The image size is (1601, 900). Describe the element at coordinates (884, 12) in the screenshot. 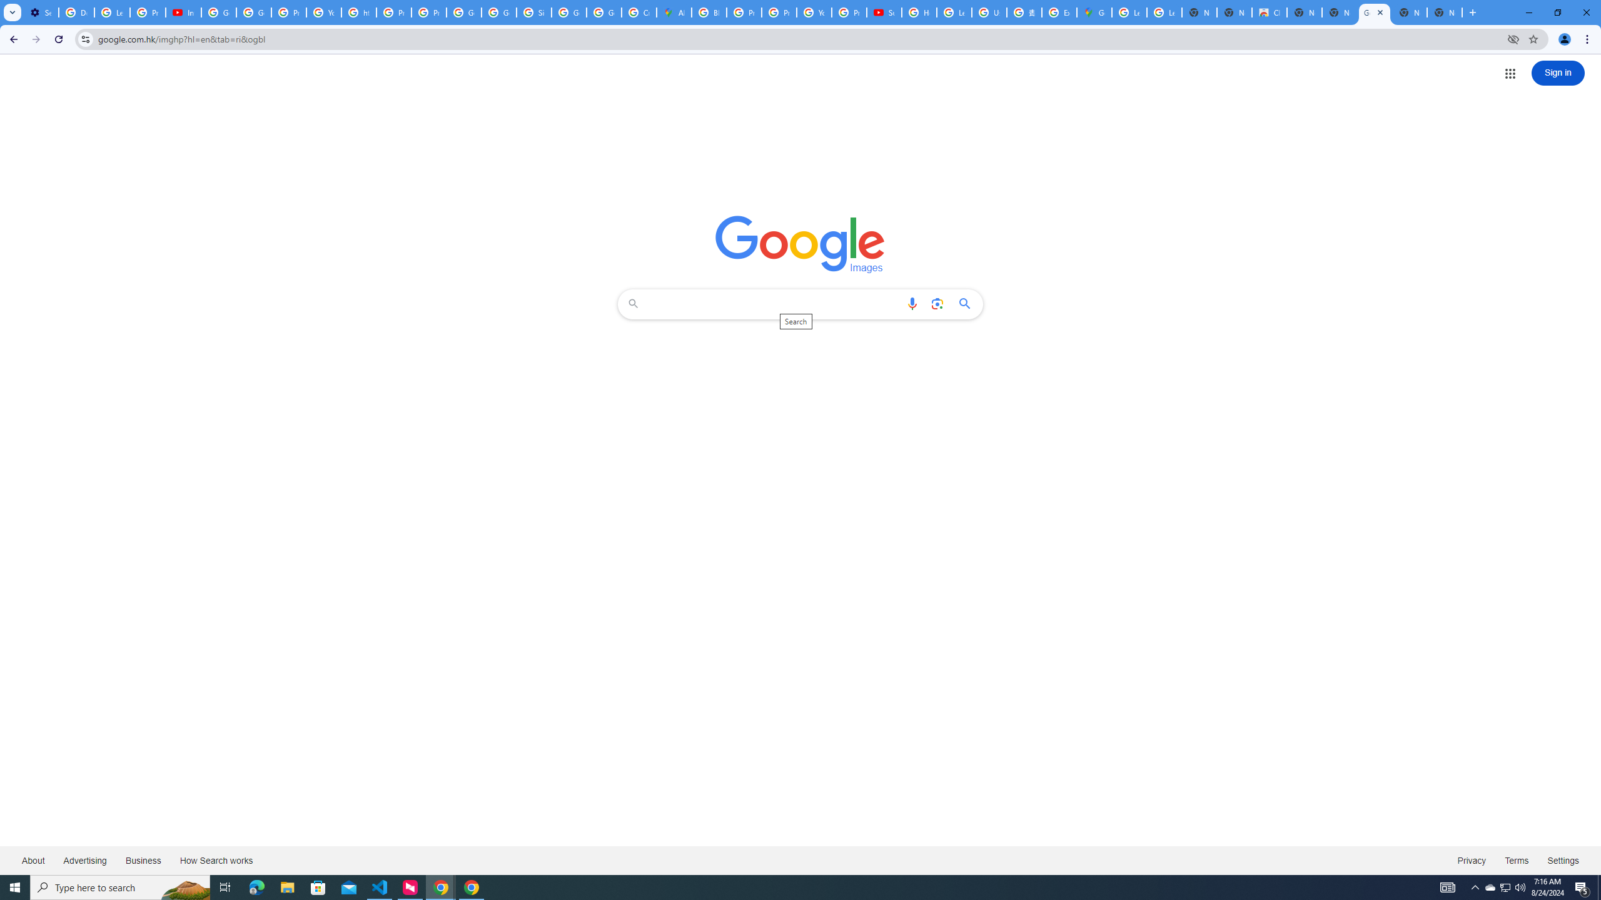

I see `'Subscriptions - YouTube'` at that location.